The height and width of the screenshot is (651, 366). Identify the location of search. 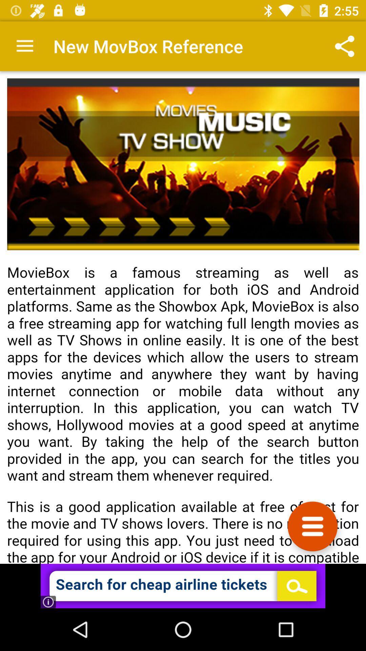
(183, 586).